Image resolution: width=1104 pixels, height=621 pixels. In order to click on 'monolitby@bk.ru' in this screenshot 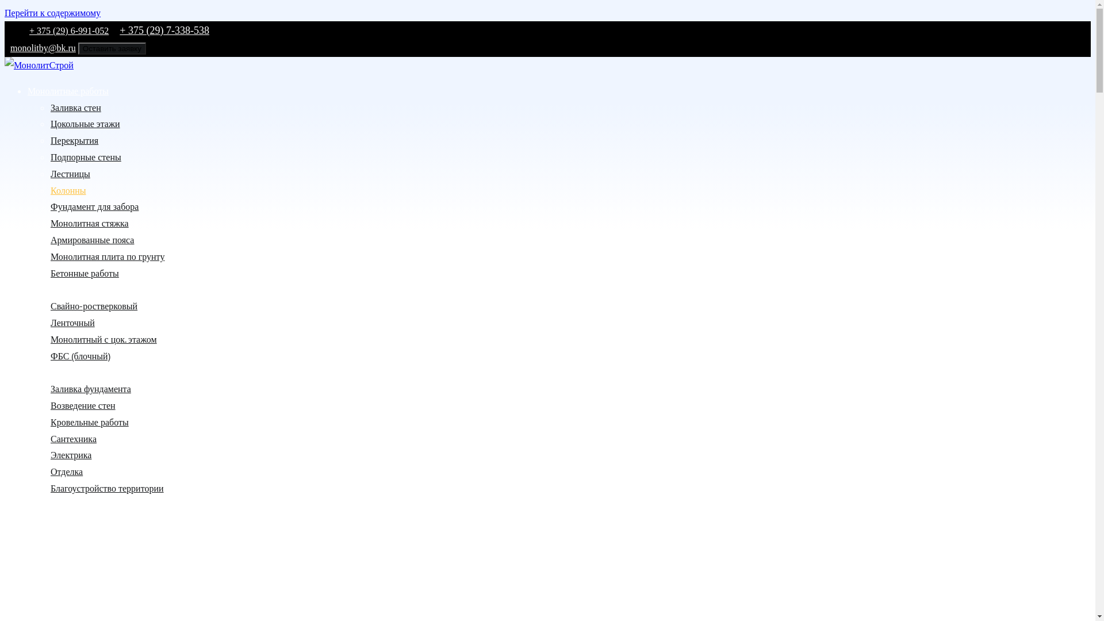, I will do `click(40, 47)`.